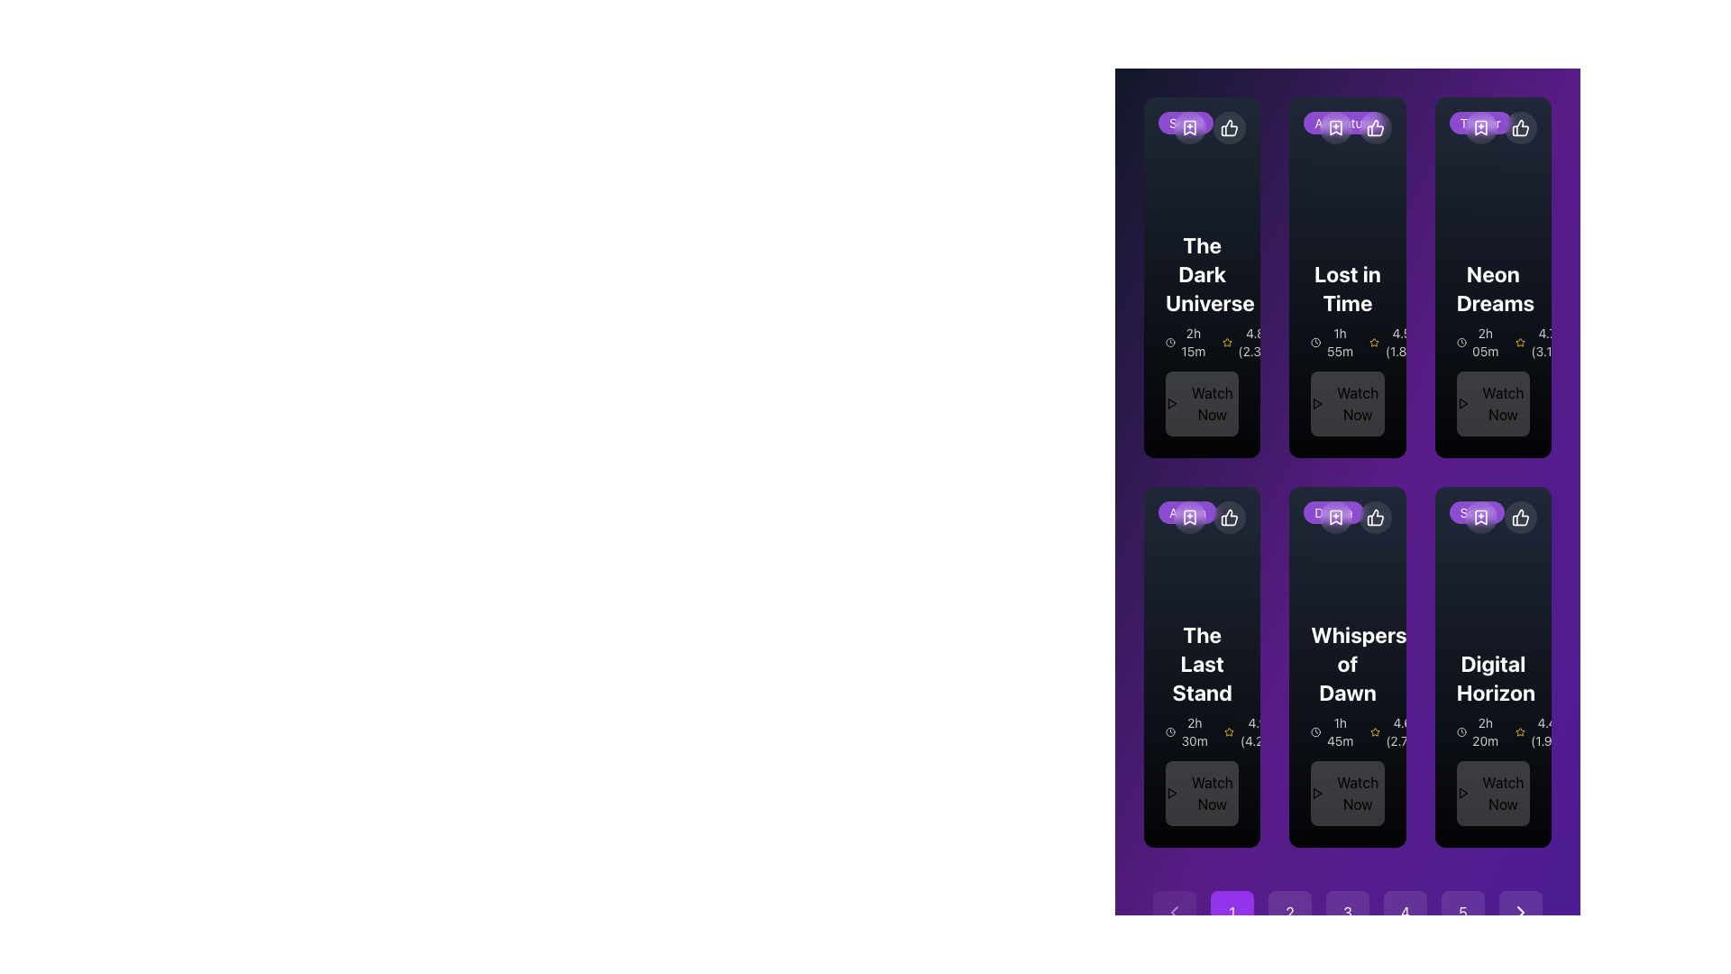  Describe the element at coordinates (1347, 278) in the screenshot. I see `the content card titled 'Lost in Time' to activate its hover effects, which includes visual emphasis on the card and the 'Watch Now' button` at that location.